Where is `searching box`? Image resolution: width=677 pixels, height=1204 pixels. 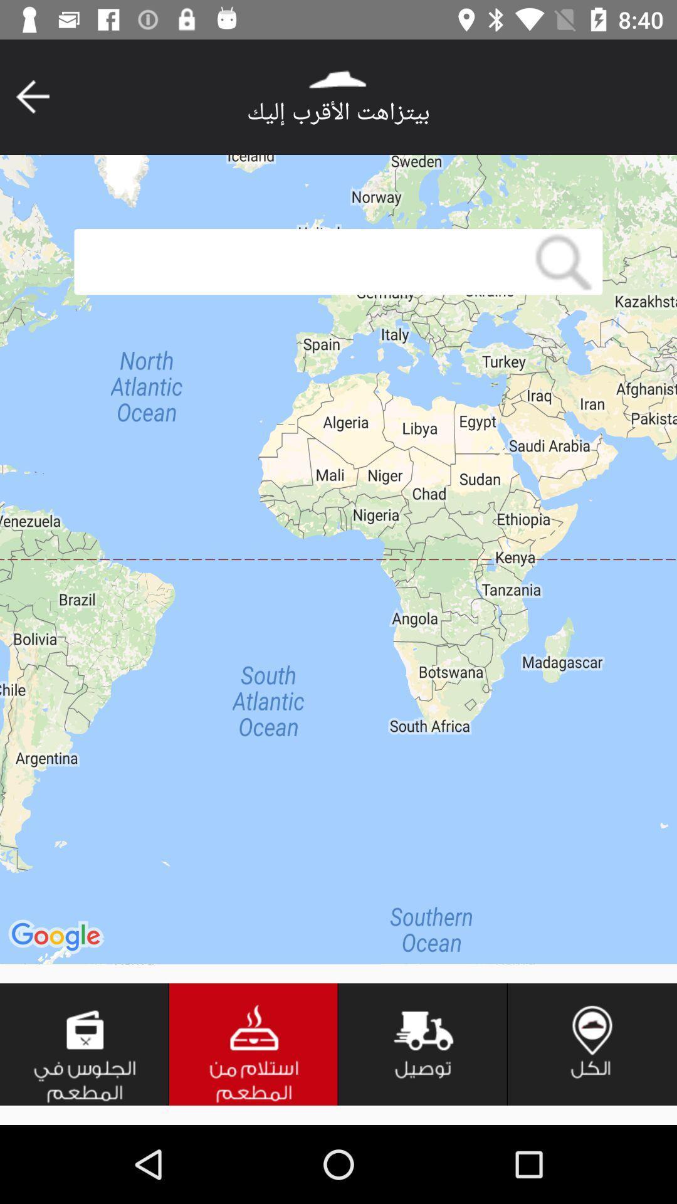
searching box is located at coordinates (299, 261).